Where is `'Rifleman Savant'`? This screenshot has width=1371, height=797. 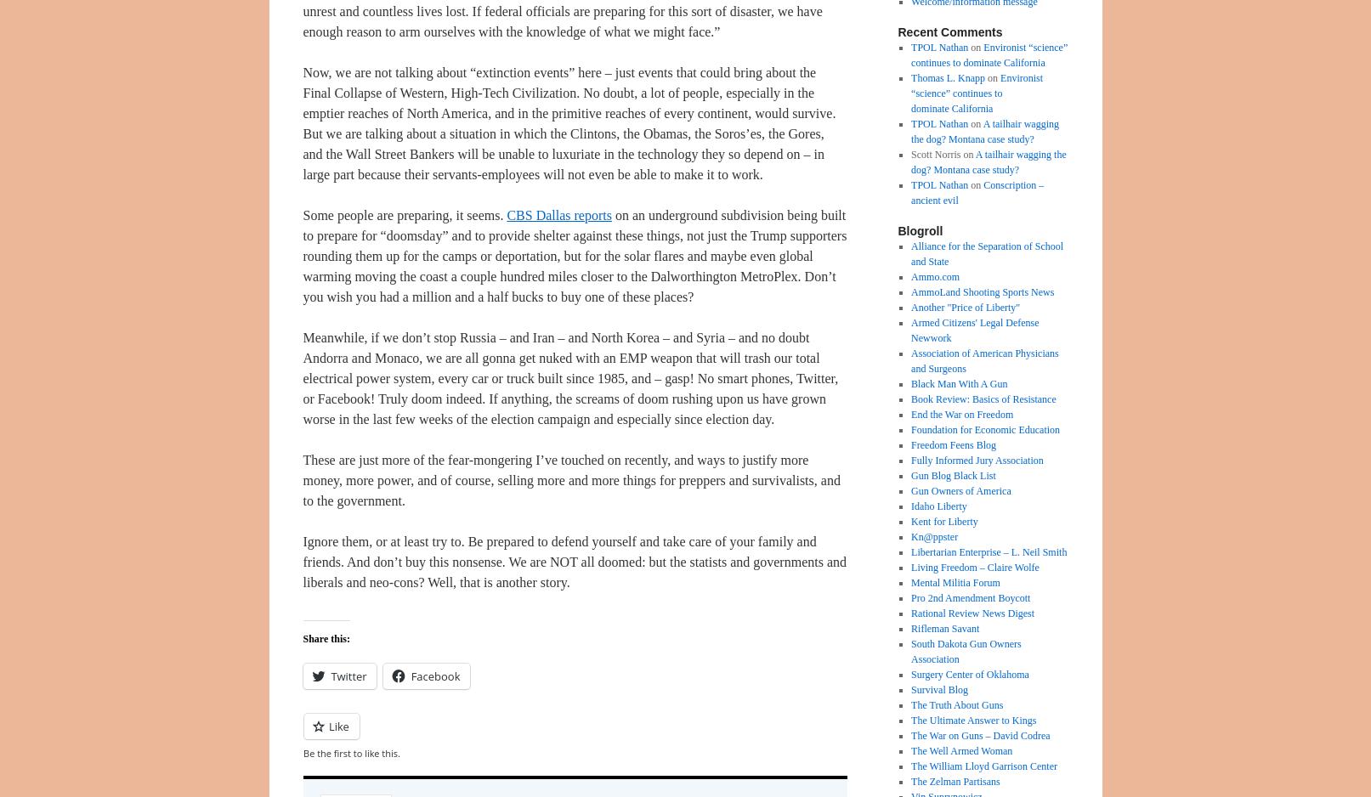 'Rifleman Savant' is located at coordinates (910, 628).